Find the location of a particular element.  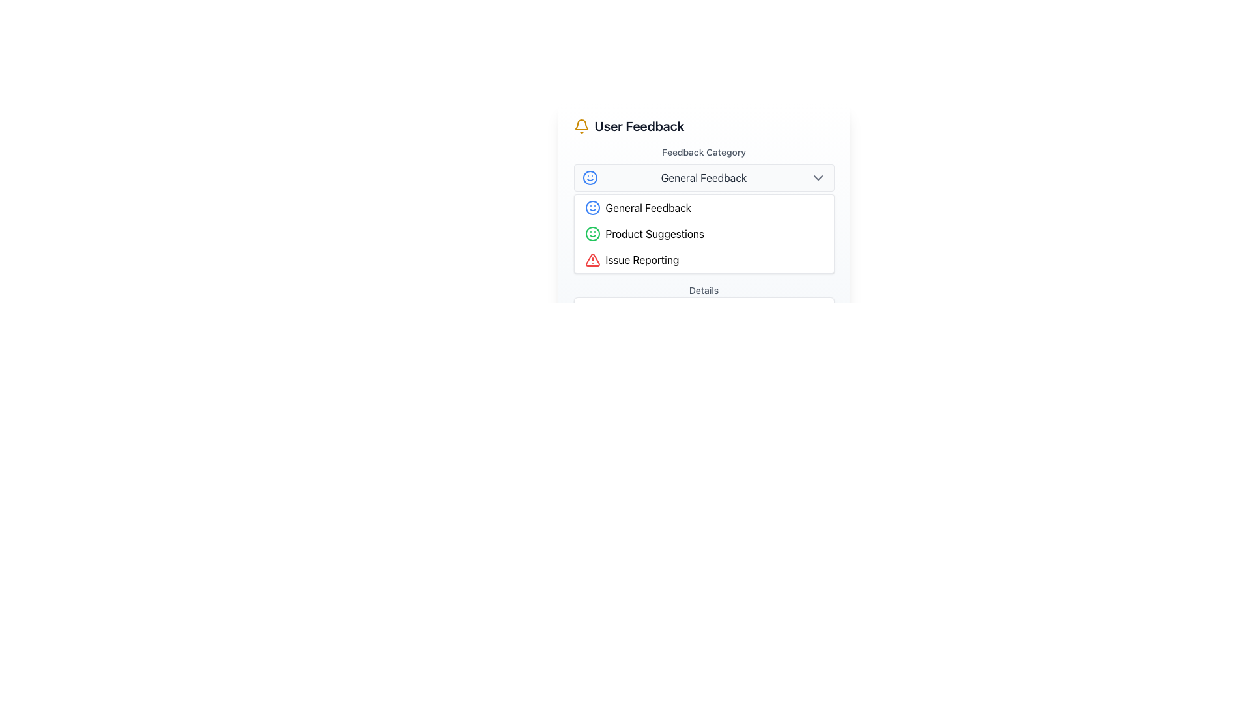

the Dropdown toggle button labeled 'General Feedback' is located at coordinates (703, 178).